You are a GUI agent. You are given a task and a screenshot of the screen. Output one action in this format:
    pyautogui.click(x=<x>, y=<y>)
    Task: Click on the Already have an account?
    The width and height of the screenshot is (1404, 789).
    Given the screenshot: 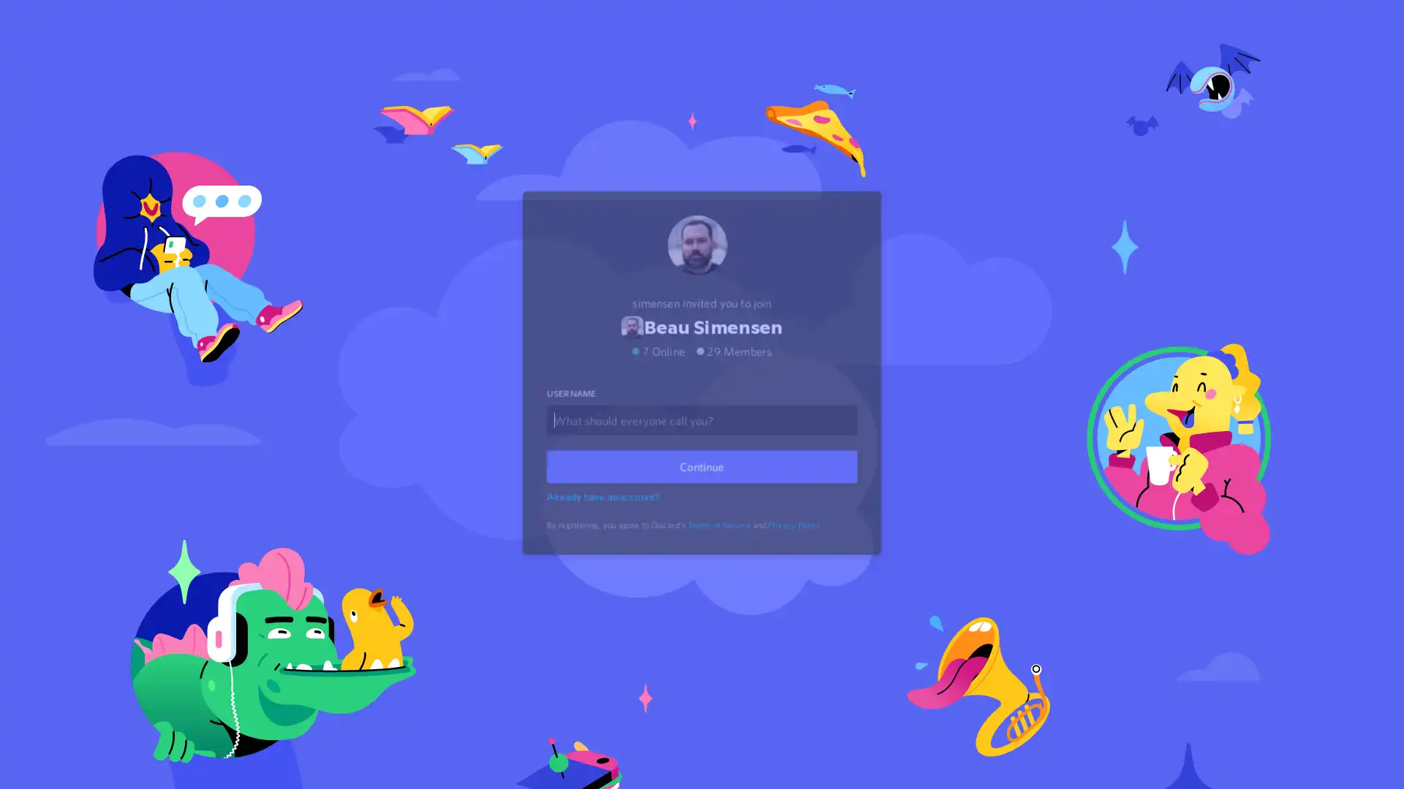 What is the action you would take?
    pyautogui.click(x=605, y=514)
    